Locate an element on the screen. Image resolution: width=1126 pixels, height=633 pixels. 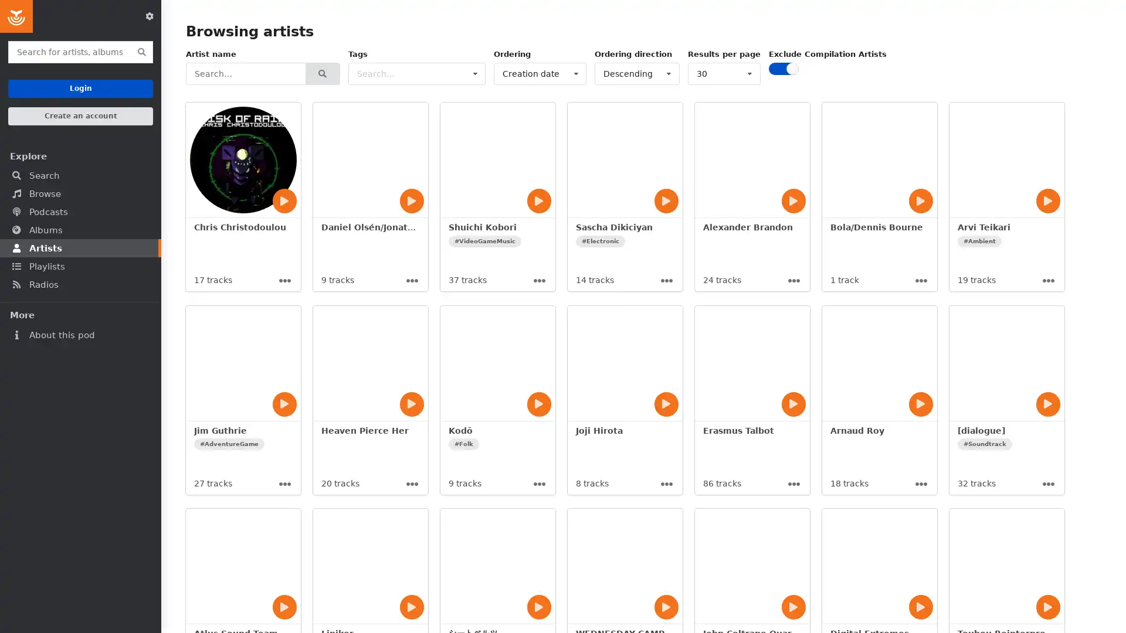
Play artist is located at coordinates (411, 607).